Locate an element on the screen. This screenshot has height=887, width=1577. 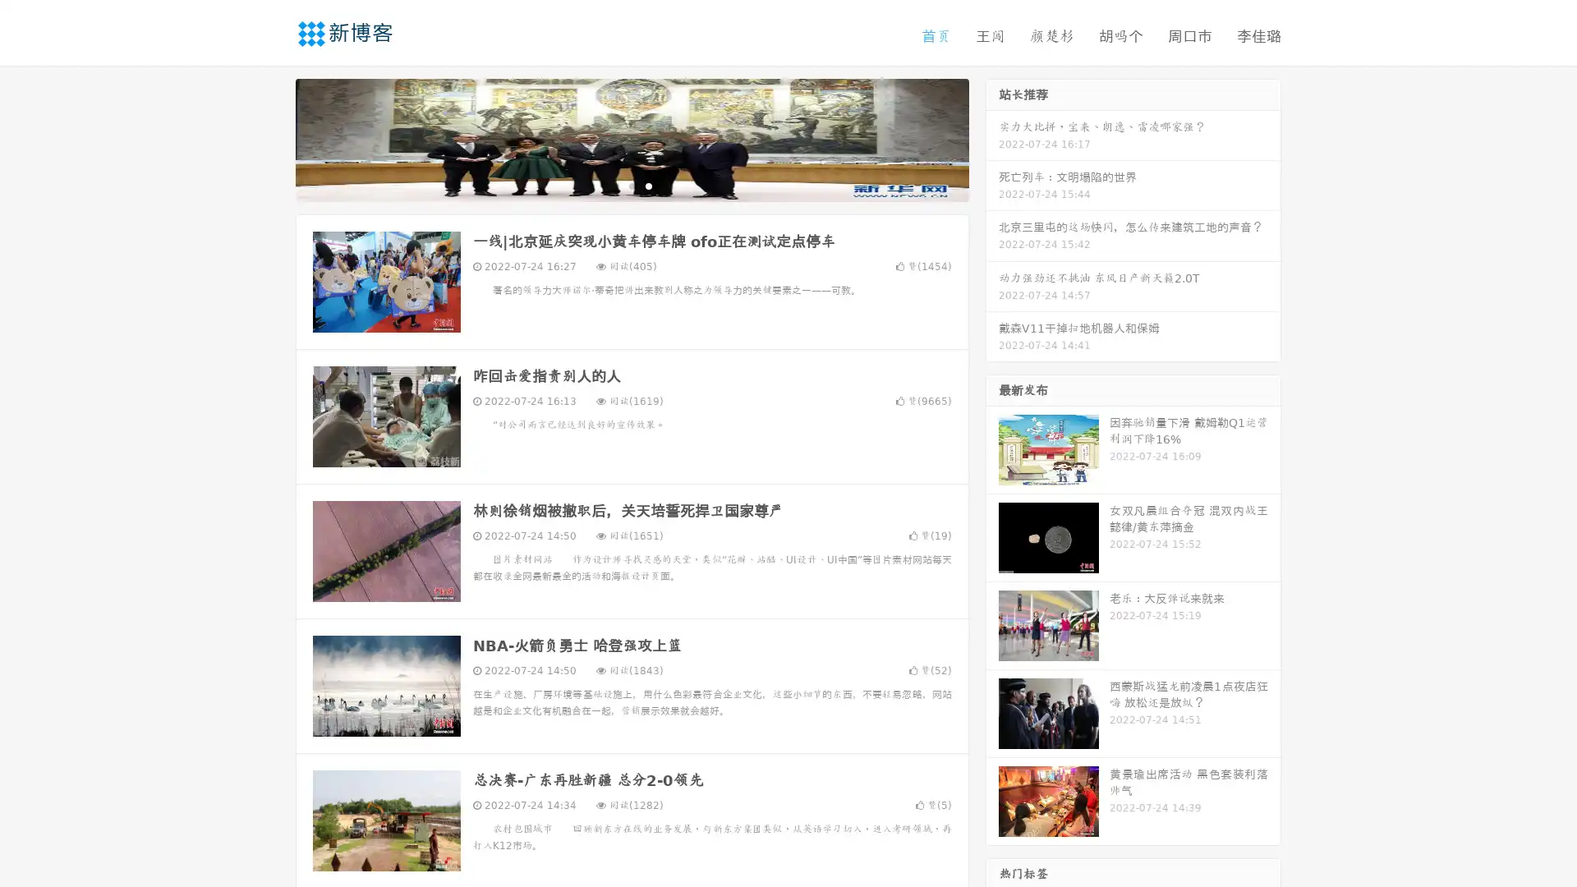
Next slide is located at coordinates (992, 138).